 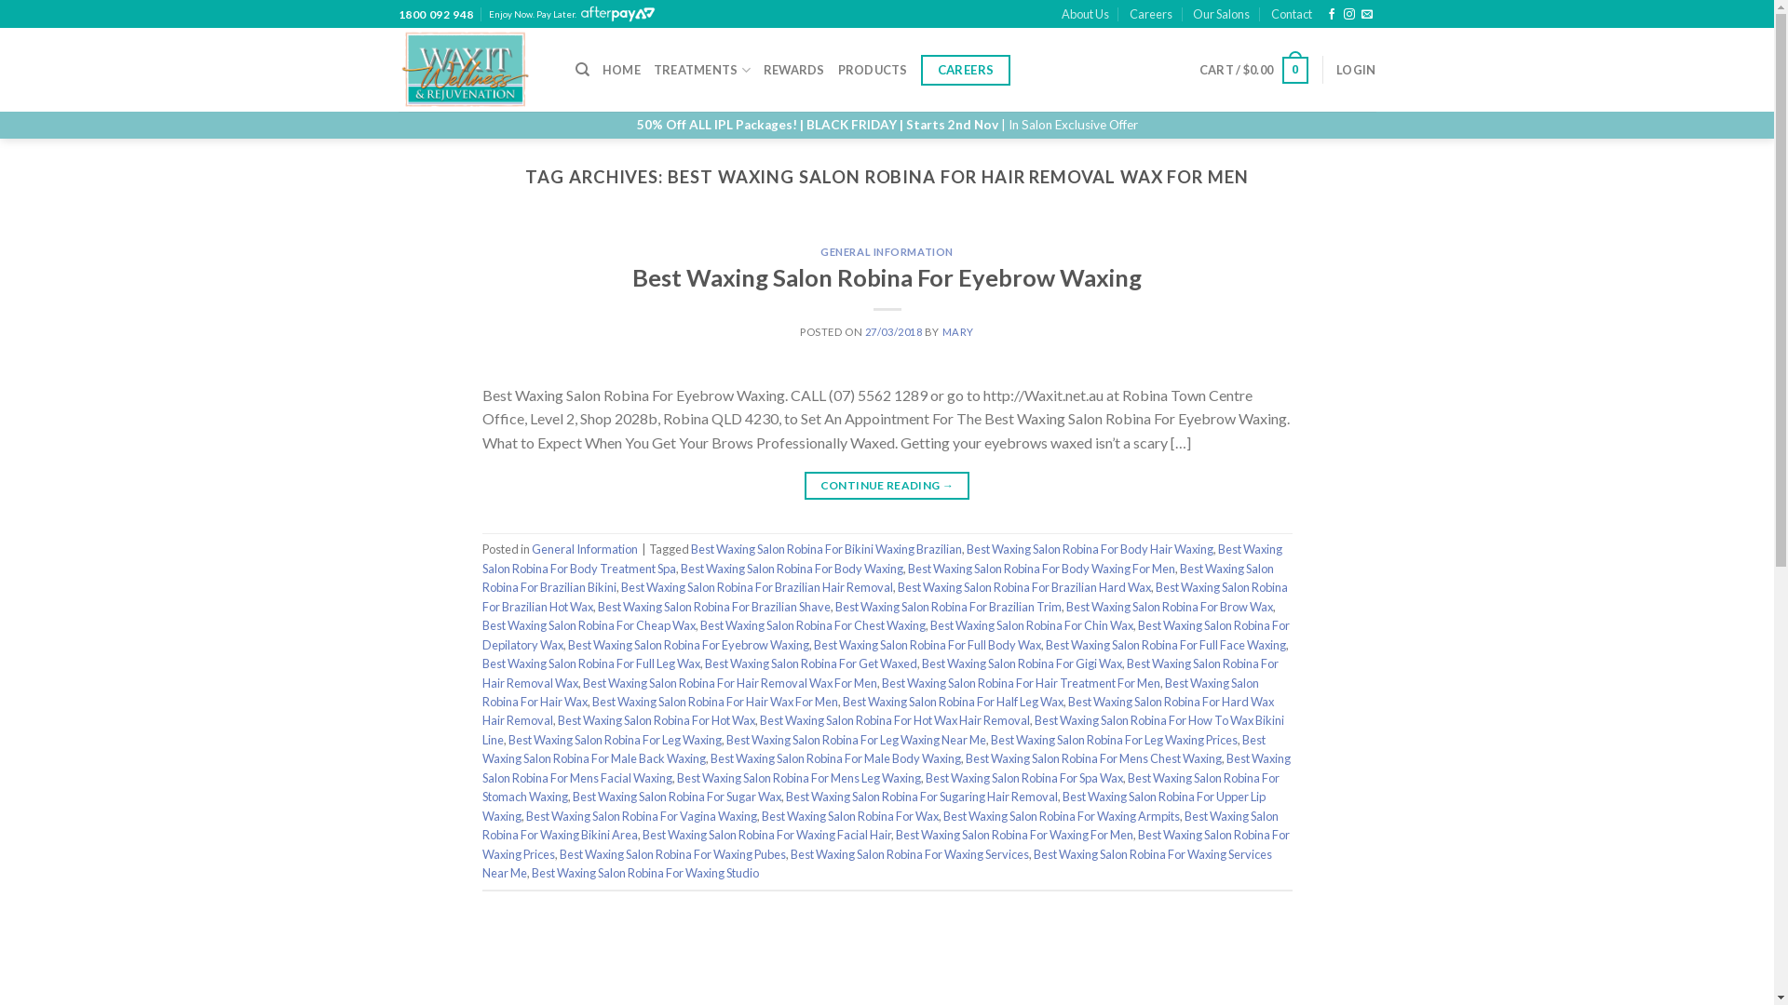 I want to click on 'Best Waxing Salon Robina For Body Waxing', so click(x=791, y=567).